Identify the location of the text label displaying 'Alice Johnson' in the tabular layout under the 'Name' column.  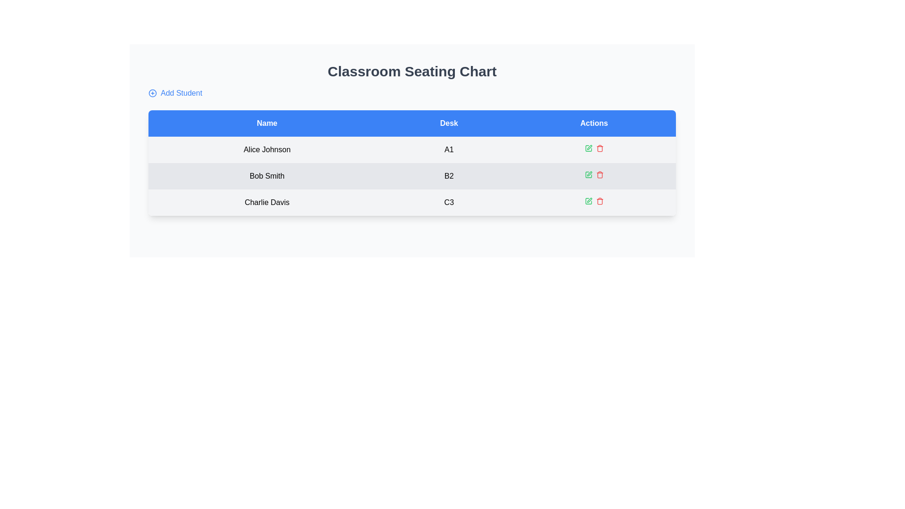
(266, 149).